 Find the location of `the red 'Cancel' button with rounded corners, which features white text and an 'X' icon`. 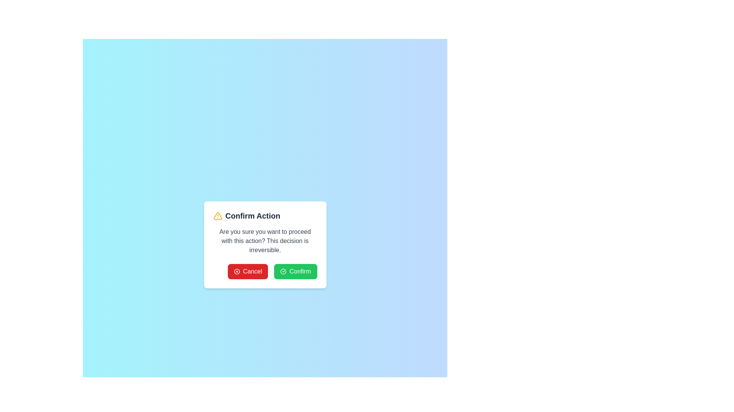

the red 'Cancel' button with rounded corners, which features white text and an 'X' icon is located at coordinates (248, 271).